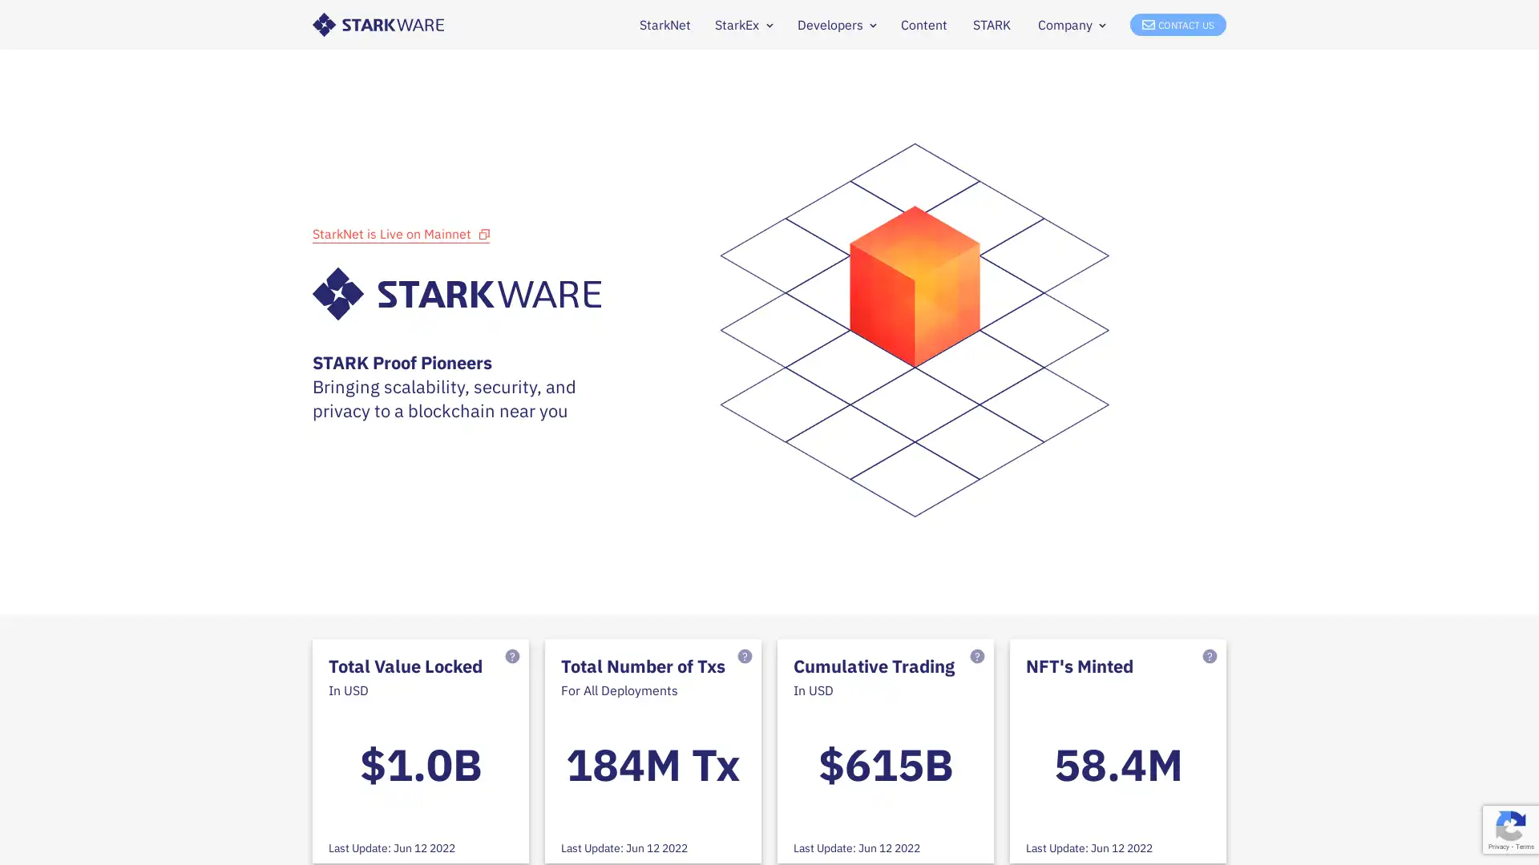 This screenshot has height=865, width=1539. I want to click on Toggle tooltip, so click(976, 658).